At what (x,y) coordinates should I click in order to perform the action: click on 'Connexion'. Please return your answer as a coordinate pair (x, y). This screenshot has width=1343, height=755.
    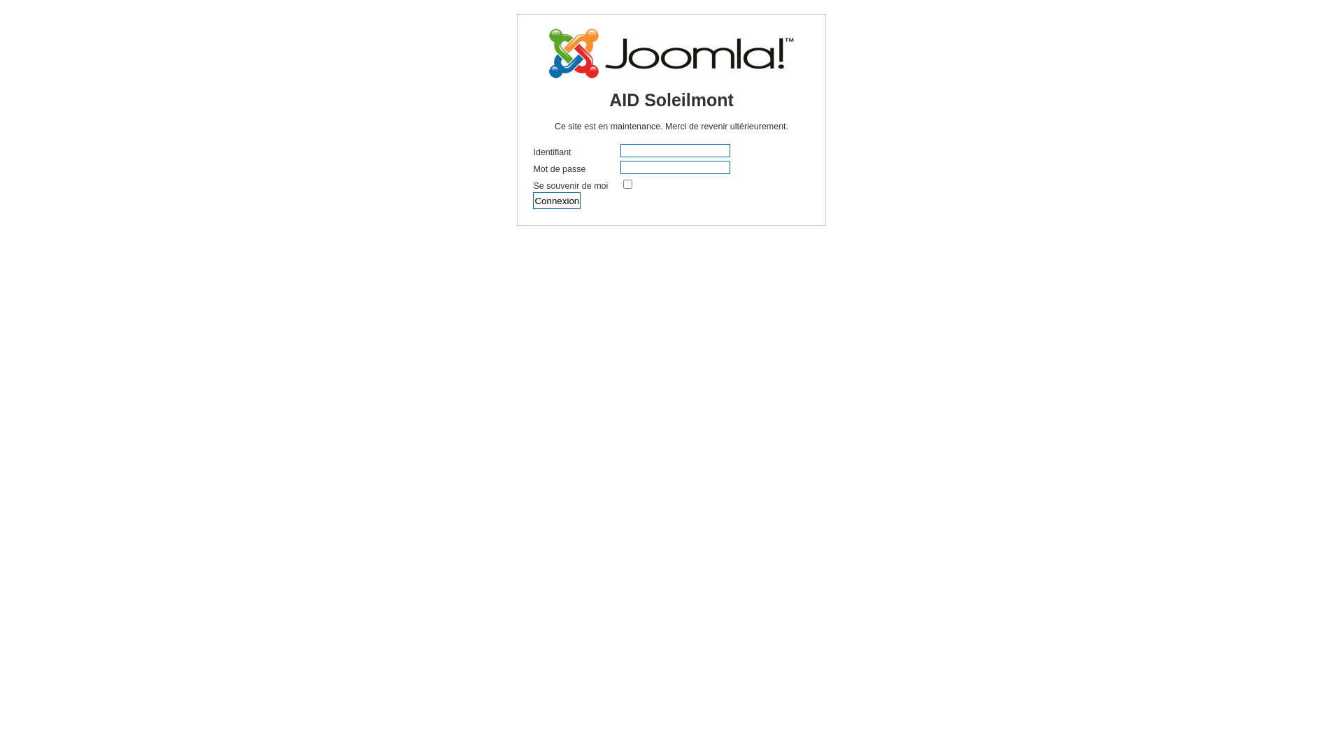
    Looking at the image, I should click on (556, 200).